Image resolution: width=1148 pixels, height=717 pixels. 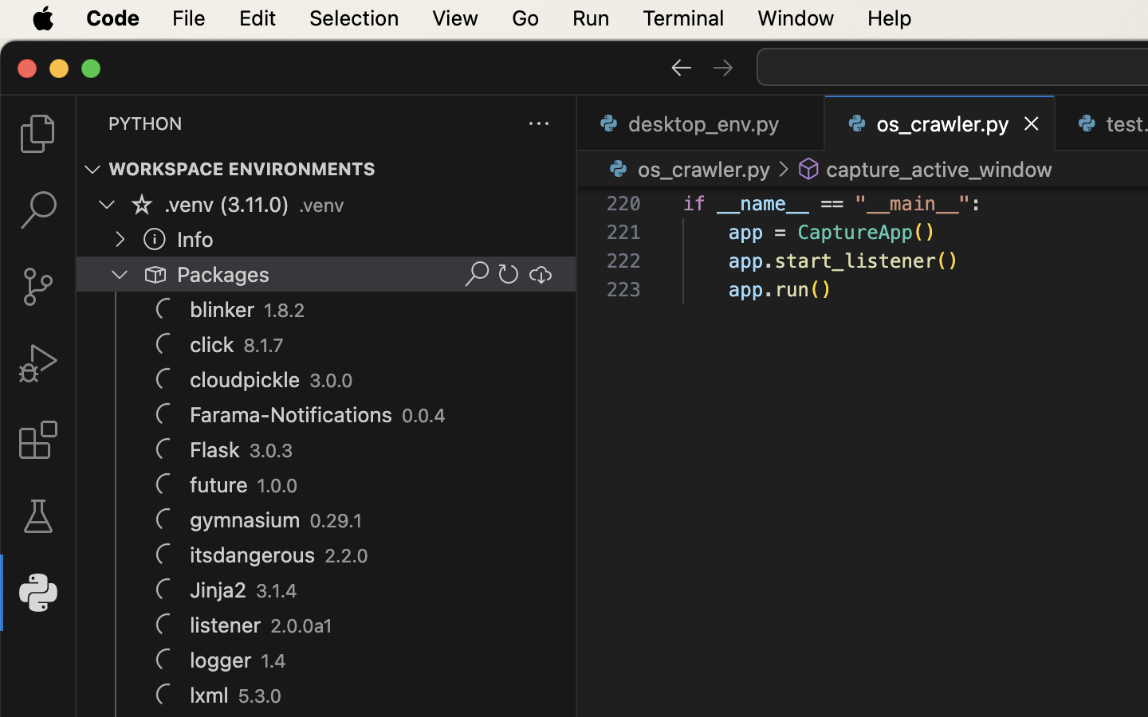 What do you see at coordinates (336, 521) in the screenshot?
I see `'0.29.1'` at bounding box center [336, 521].